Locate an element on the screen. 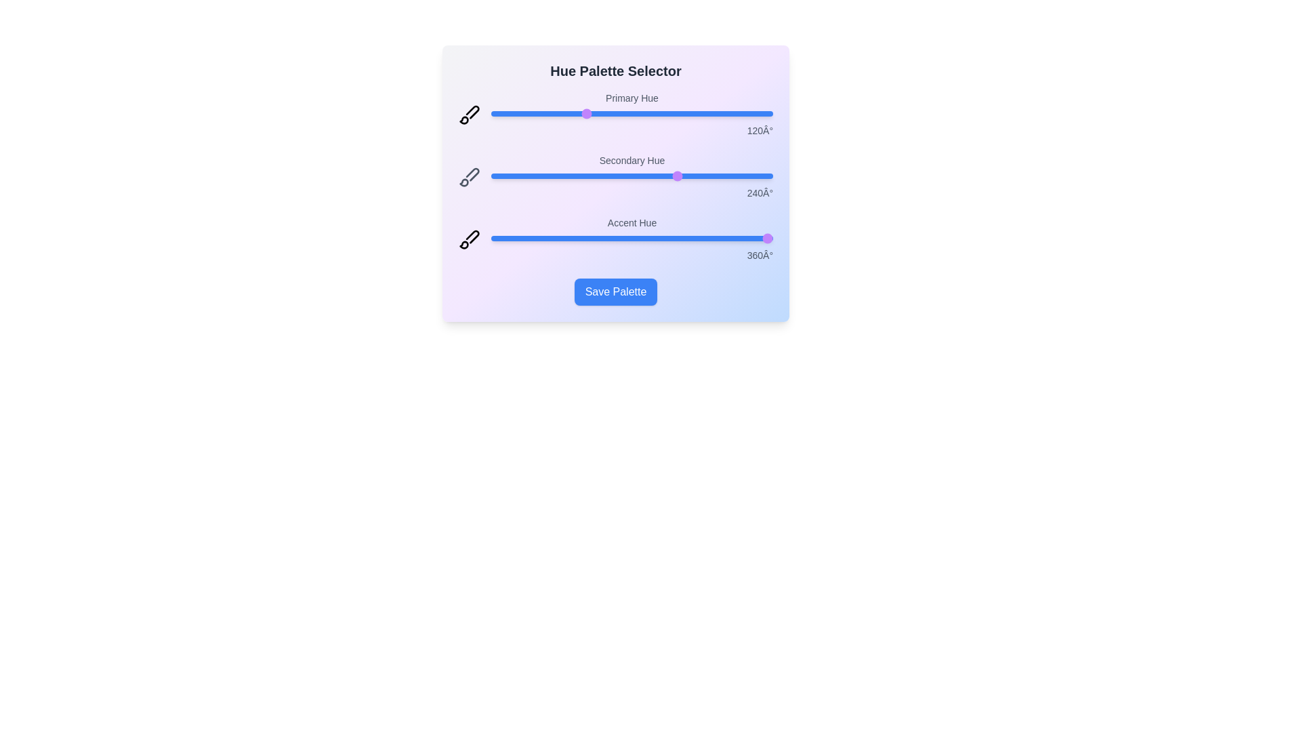  the 'Secondary Hue' slider to 248 degrees is located at coordinates (685, 175).